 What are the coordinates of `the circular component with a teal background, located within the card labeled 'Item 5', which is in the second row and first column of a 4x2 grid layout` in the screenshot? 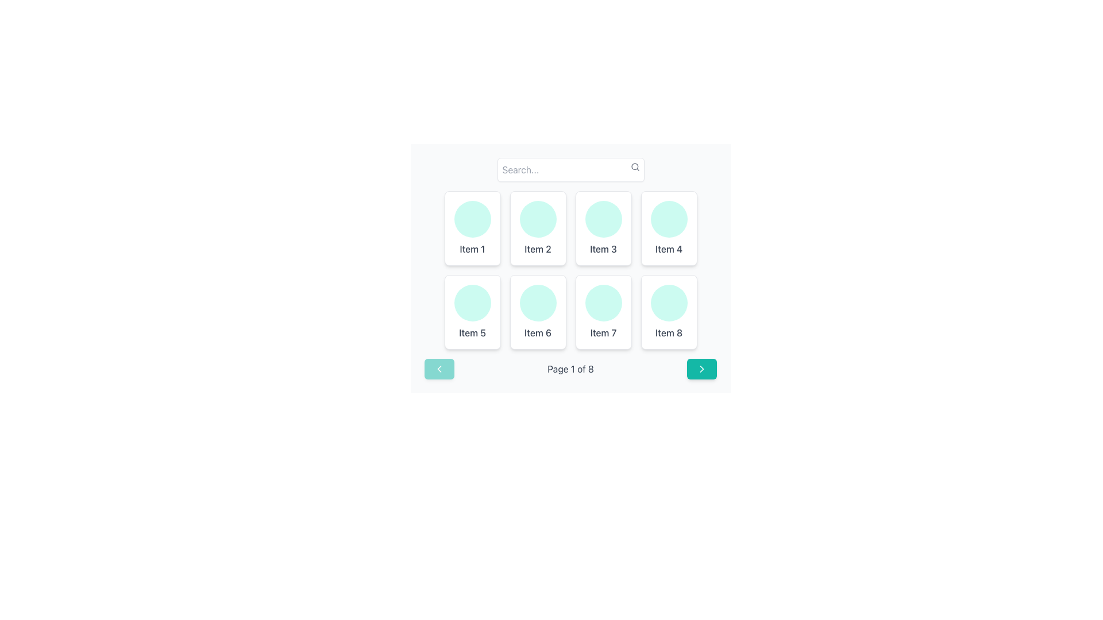 It's located at (472, 303).